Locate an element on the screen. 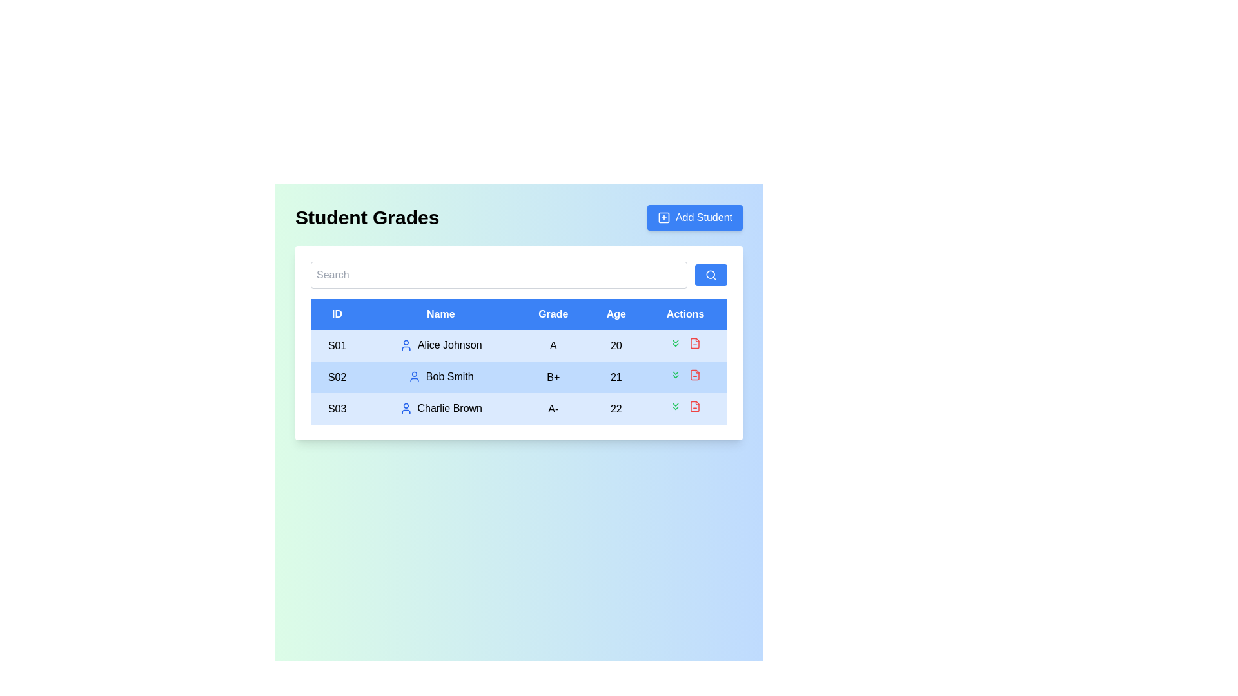 The height and width of the screenshot is (696, 1238). the search icon, which is a blue outlined magnifying glass icon located within a blue button to the right of the input field is located at coordinates (711, 275).